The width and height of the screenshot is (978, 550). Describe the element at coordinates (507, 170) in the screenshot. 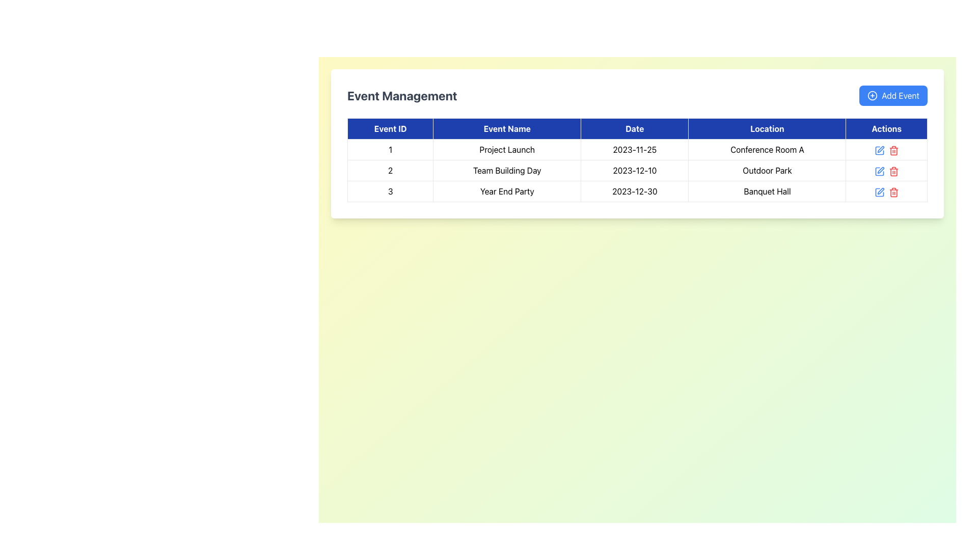

I see `the text label representing the event name in the second row of the table, which is positioned after the element with text '2' and before '2023-12-10' and 'Outdoor Park'` at that location.